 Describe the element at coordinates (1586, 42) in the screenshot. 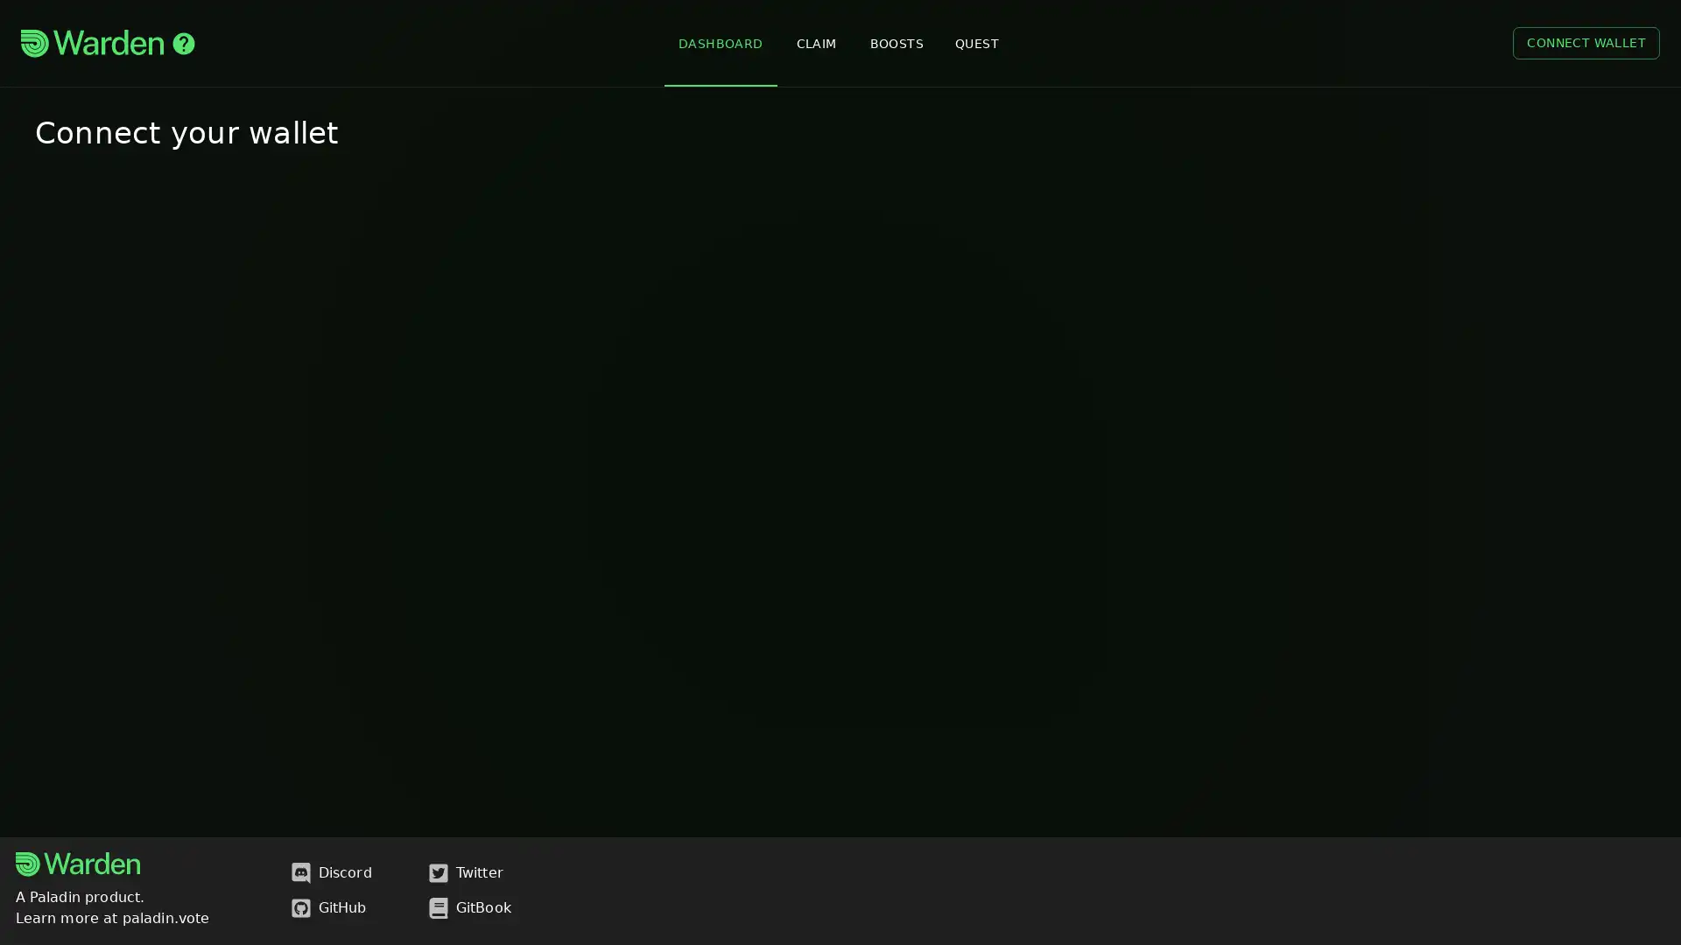

I see `CONNECT WALLET` at that location.